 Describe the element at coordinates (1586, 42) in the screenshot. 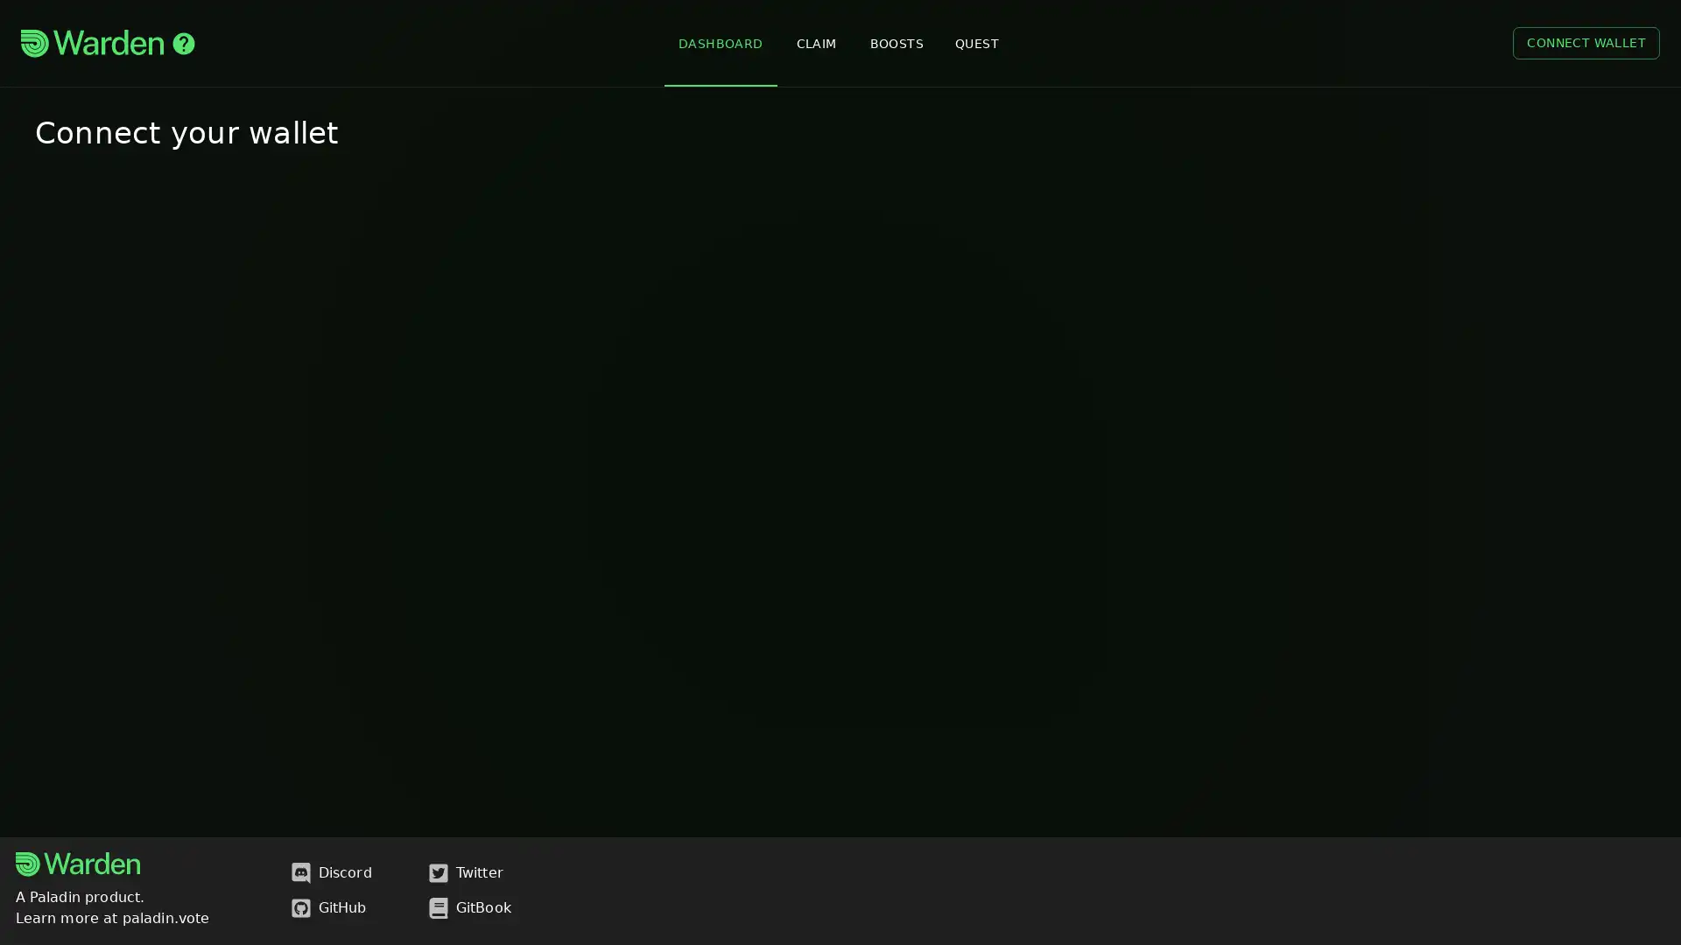

I see `CONNECT WALLET` at that location.